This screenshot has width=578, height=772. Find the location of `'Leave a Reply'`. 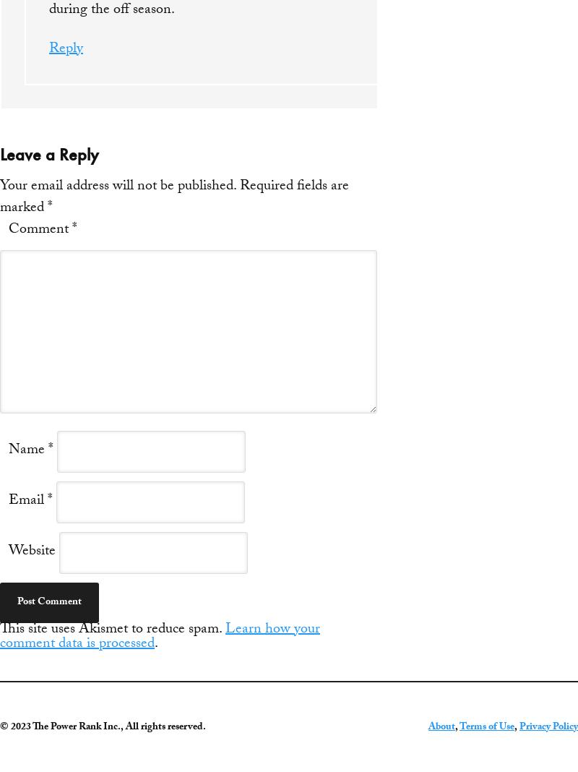

'Leave a Reply' is located at coordinates (49, 153).